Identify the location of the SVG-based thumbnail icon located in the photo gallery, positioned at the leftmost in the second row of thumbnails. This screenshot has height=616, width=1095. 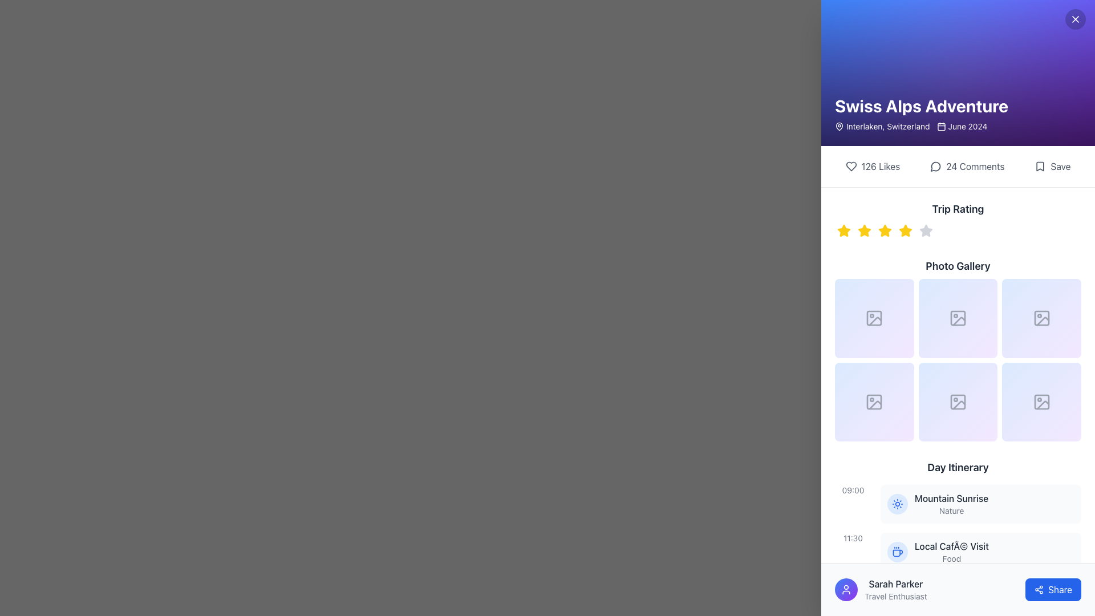
(875, 404).